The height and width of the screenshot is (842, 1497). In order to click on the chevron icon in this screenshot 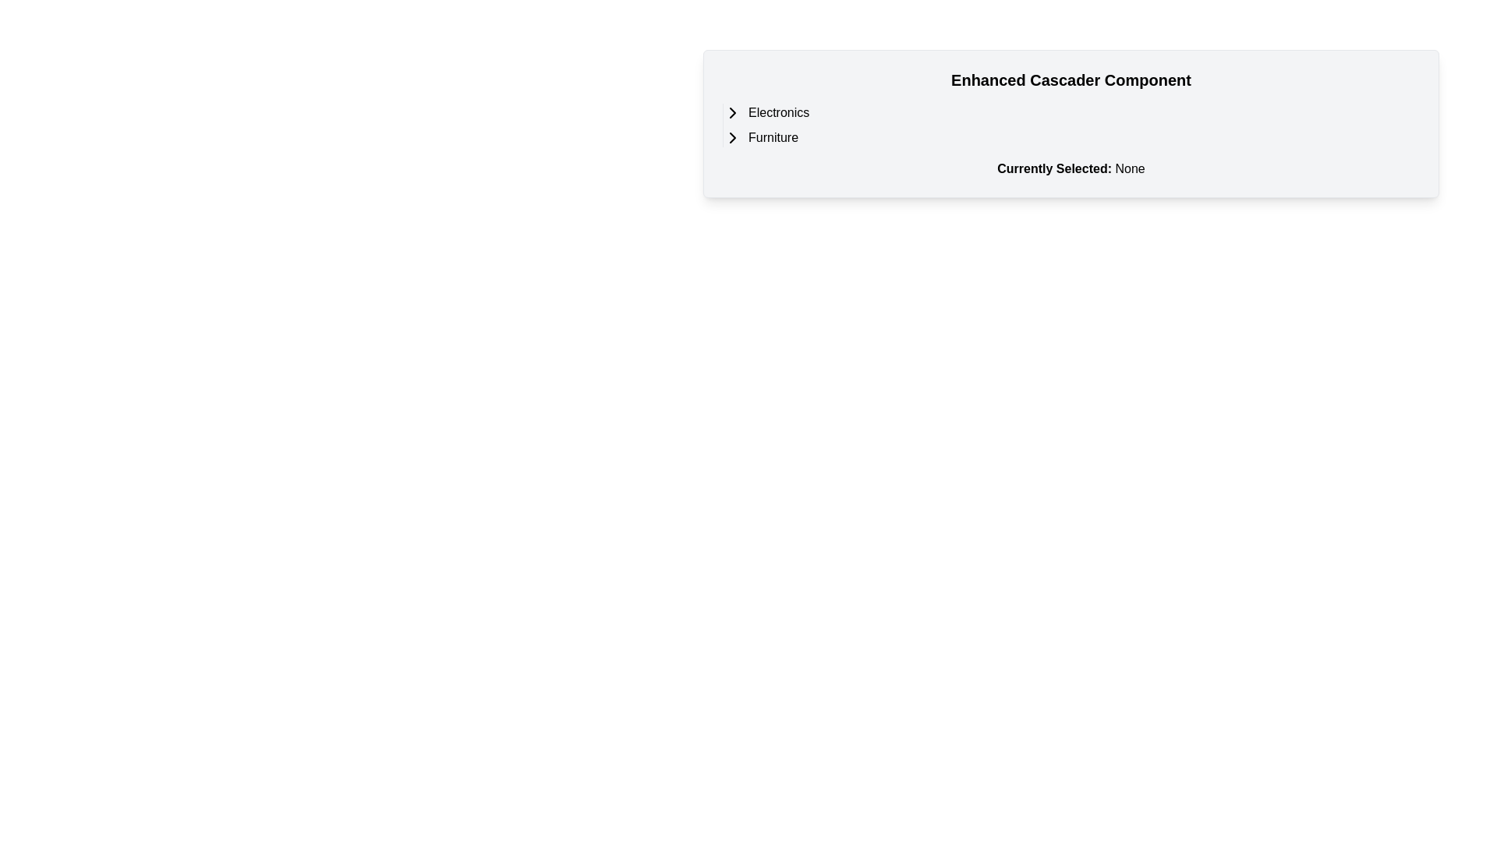, I will do `click(732, 112)`.